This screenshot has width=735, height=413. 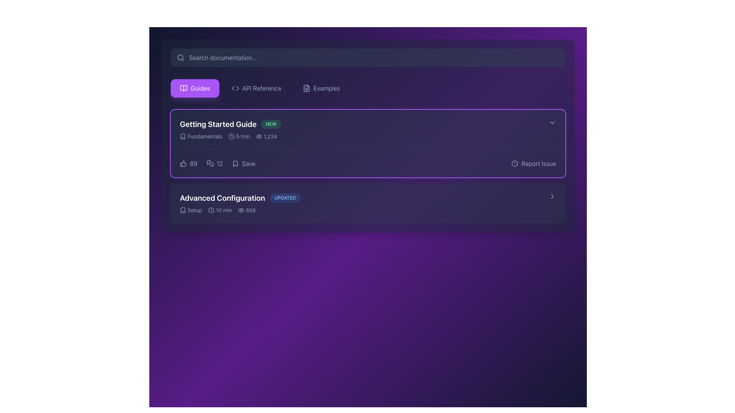 What do you see at coordinates (201, 136) in the screenshot?
I see `the text label with an accompanying icon that serves as a category or tag within a list of related items, positioned as the first section to the left of '5 min' and '1,234'` at bounding box center [201, 136].